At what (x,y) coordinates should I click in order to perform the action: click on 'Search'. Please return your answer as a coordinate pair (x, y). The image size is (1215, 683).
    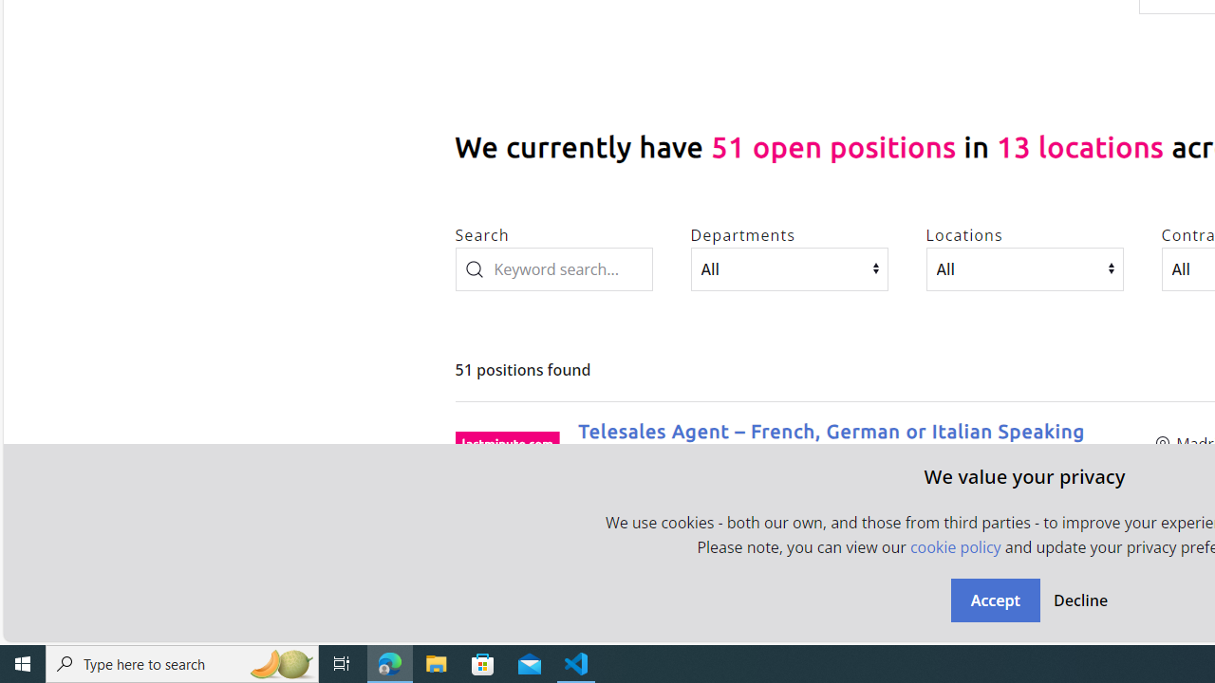
    Looking at the image, I should click on (552, 268).